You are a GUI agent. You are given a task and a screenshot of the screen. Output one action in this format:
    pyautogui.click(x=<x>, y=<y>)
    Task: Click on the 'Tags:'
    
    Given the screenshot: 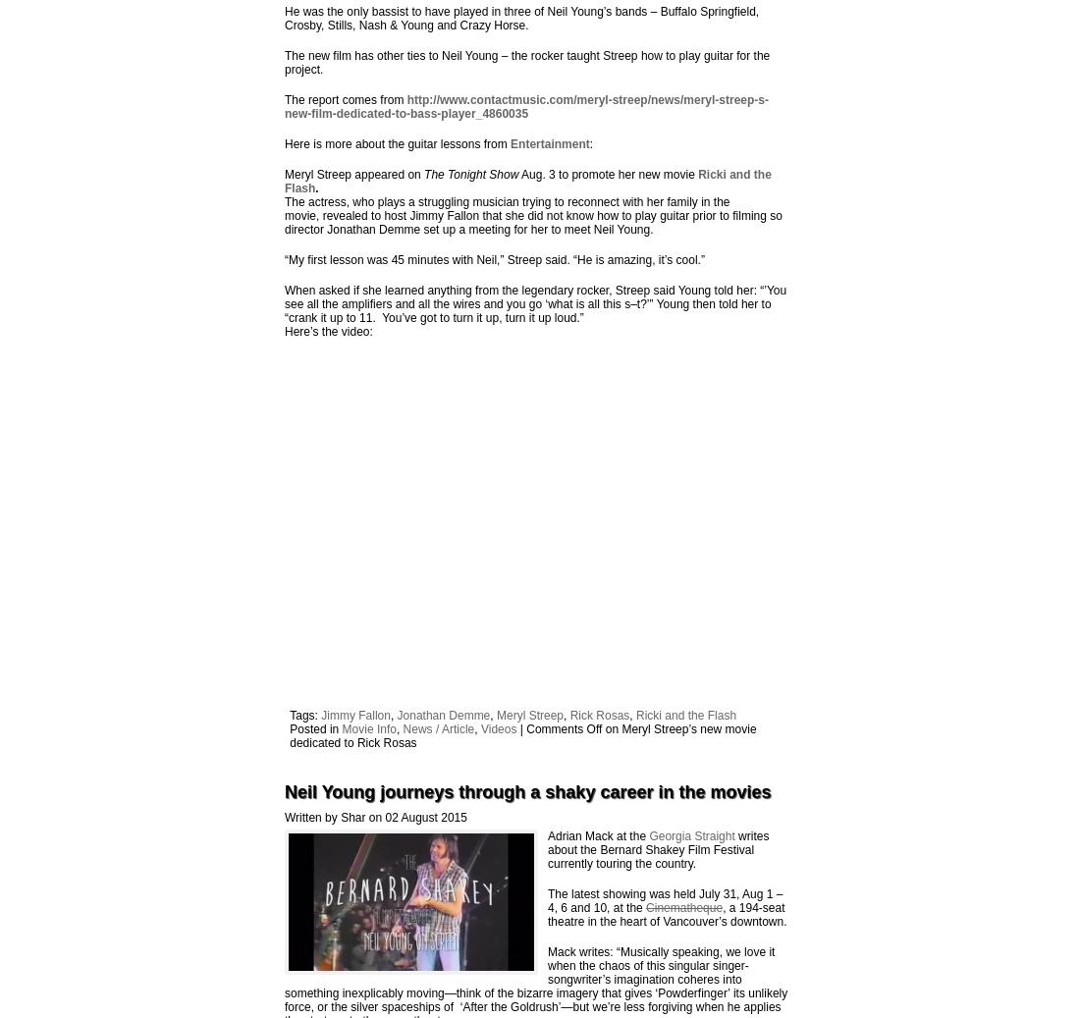 What is the action you would take?
    pyautogui.click(x=303, y=714)
    